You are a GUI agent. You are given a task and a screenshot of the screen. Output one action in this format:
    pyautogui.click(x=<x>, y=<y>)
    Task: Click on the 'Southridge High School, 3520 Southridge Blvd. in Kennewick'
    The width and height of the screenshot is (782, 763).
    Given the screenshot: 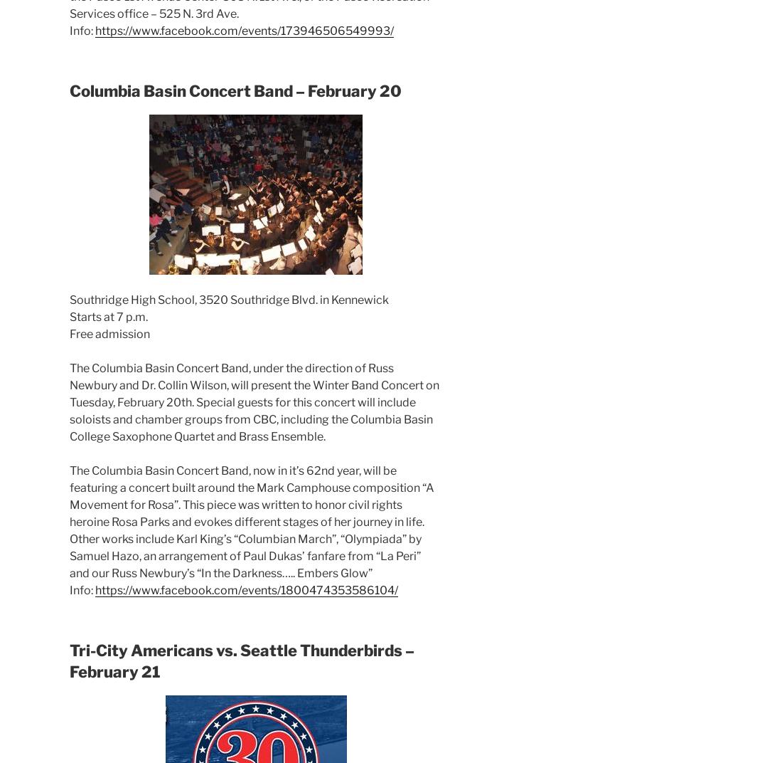 What is the action you would take?
    pyautogui.click(x=228, y=298)
    